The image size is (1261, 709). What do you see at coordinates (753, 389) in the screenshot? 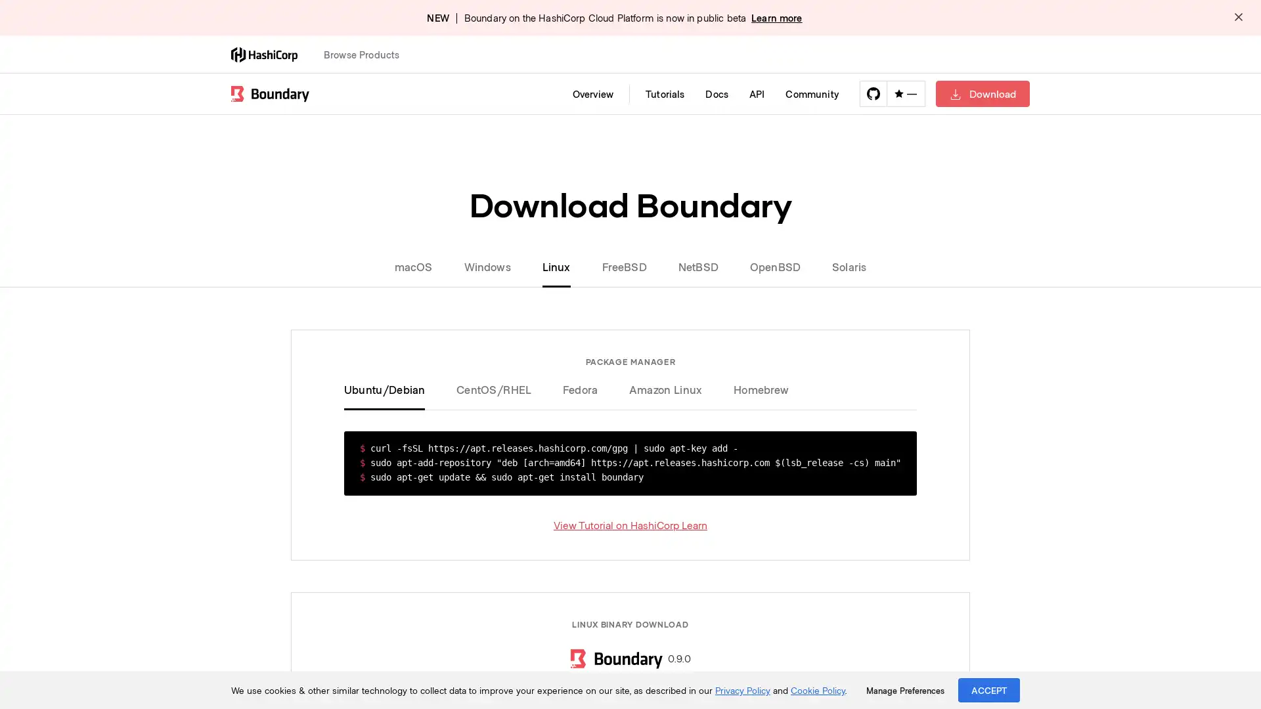
I see `Homebrew` at bounding box center [753, 389].